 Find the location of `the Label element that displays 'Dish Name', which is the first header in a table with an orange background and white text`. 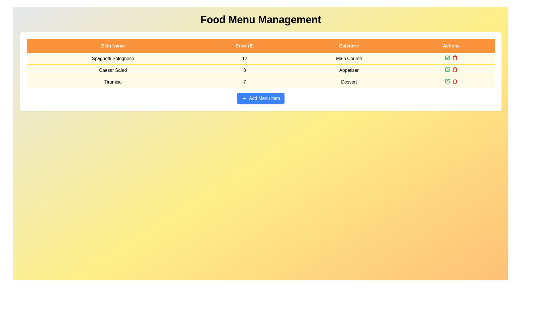

the Label element that displays 'Dish Name', which is the first header in a table with an orange background and white text is located at coordinates (113, 46).